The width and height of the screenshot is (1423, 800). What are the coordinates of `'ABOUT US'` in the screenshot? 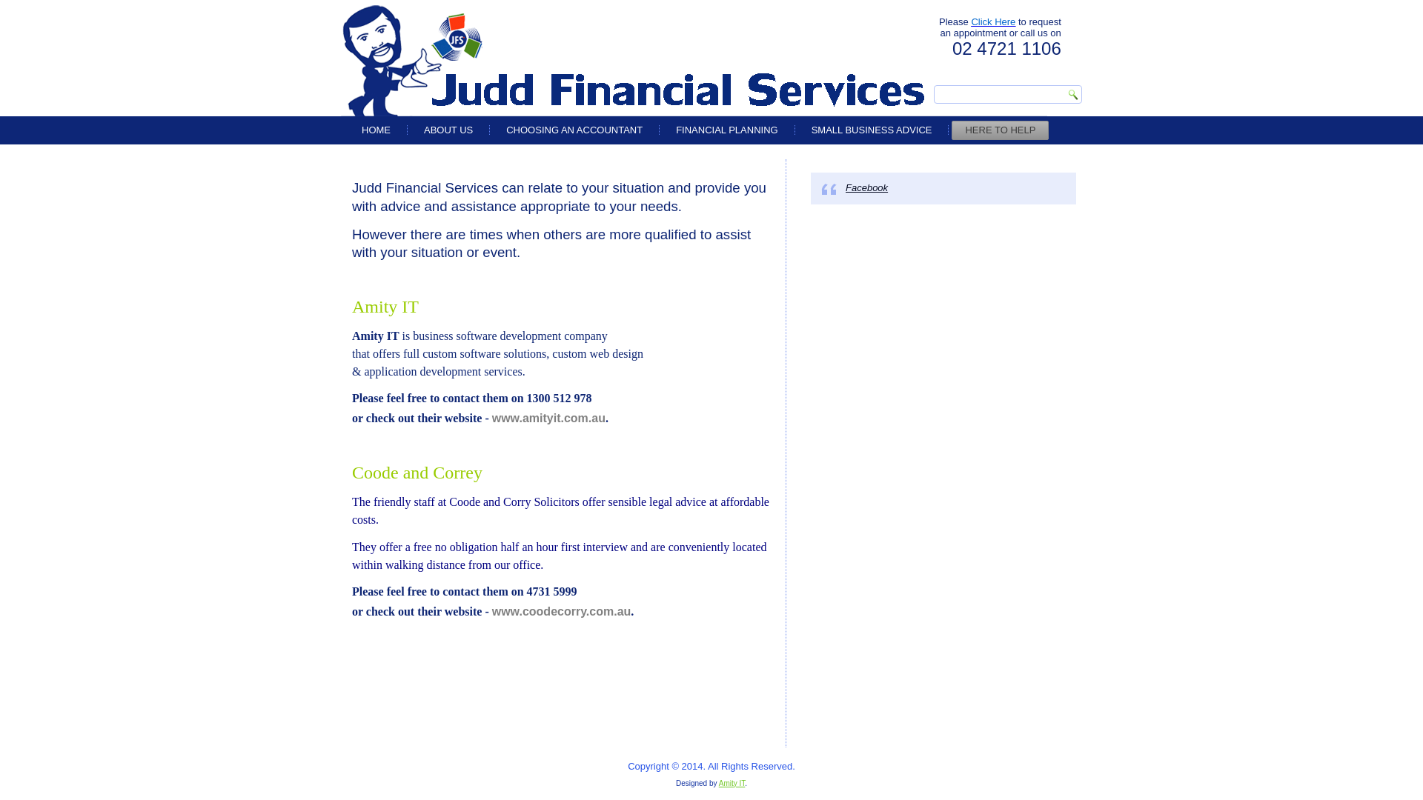 It's located at (447, 130).